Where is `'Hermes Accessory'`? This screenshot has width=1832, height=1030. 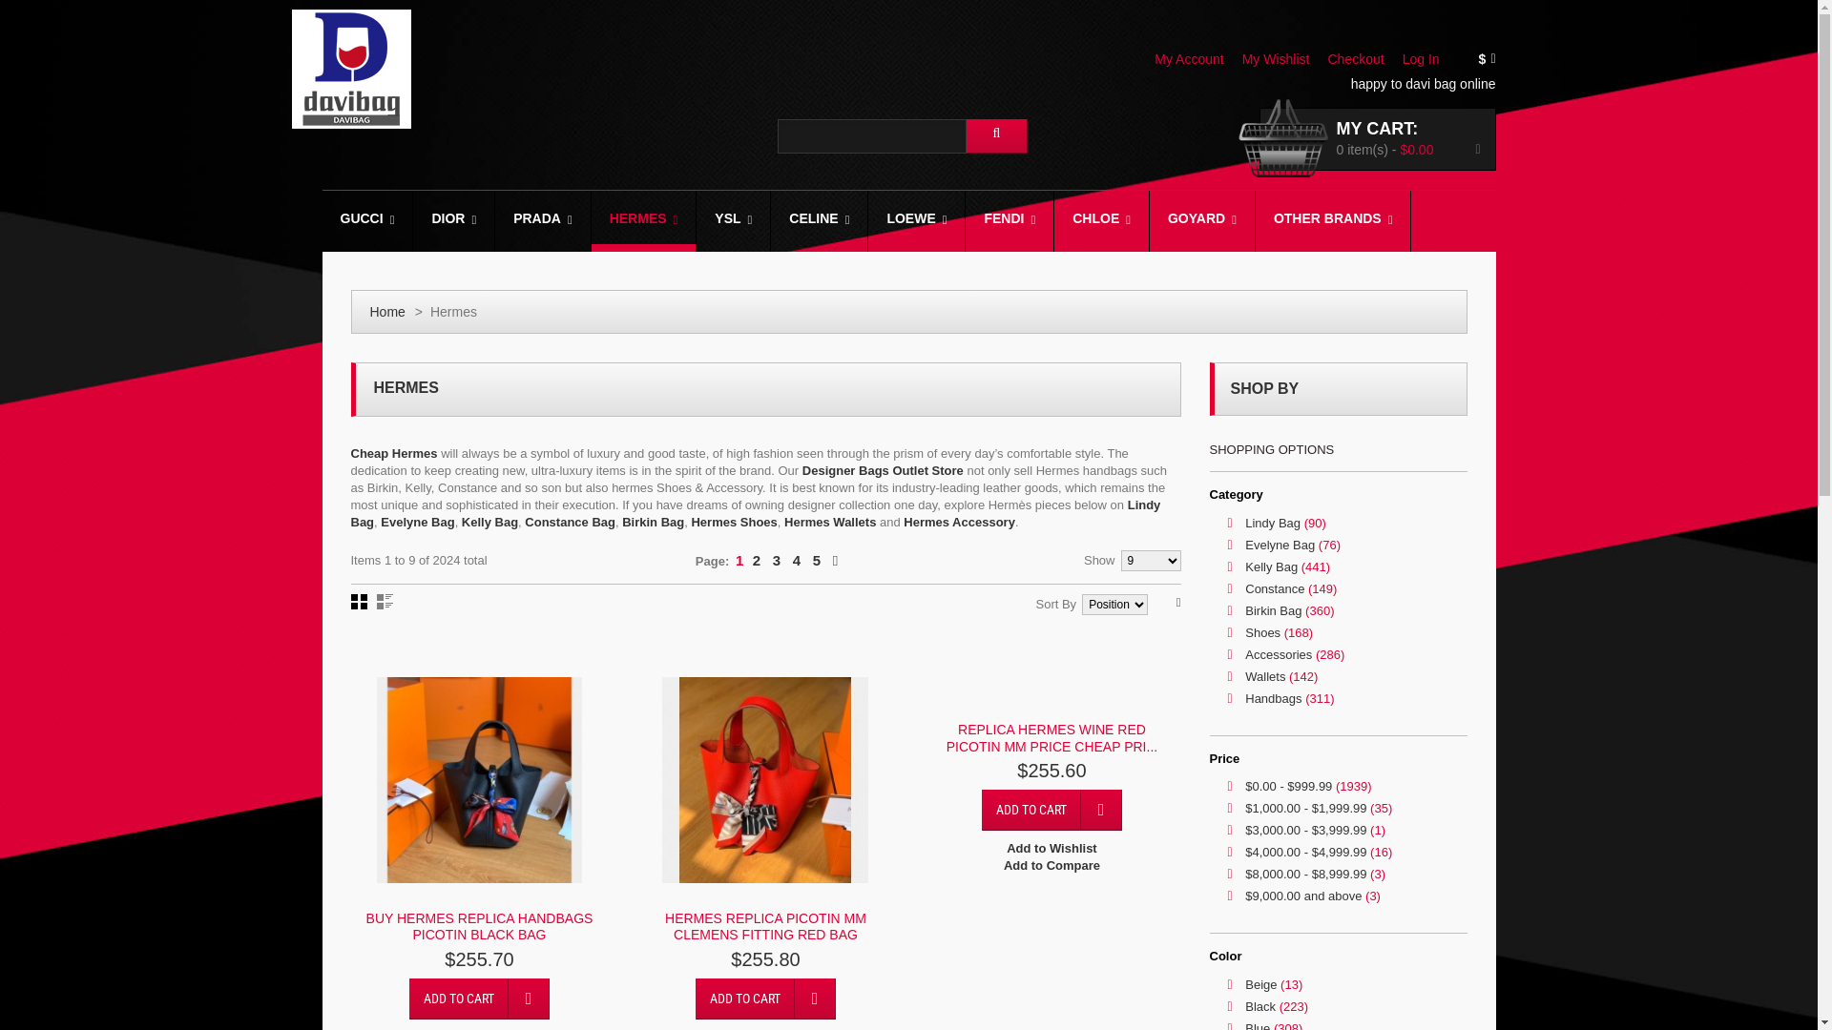 'Hermes Accessory' is located at coordinates (902, 522).